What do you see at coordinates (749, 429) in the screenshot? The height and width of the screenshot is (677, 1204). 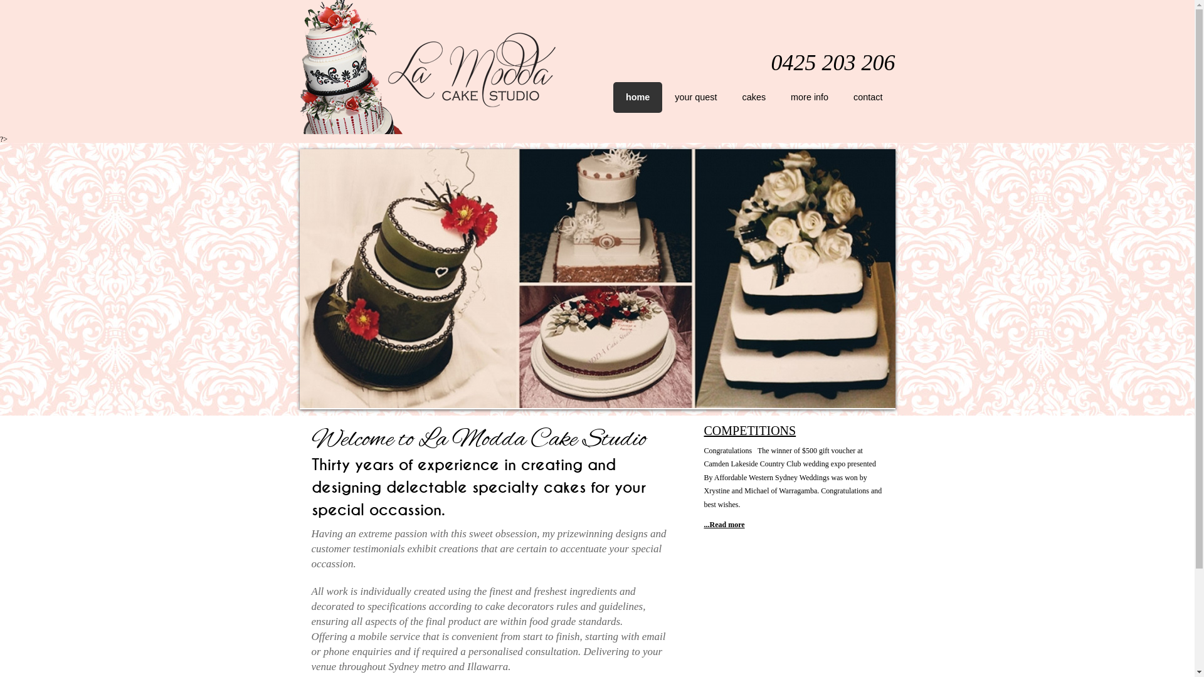 I see `'COMPETITIONS'` at bounding box center [749, 429].